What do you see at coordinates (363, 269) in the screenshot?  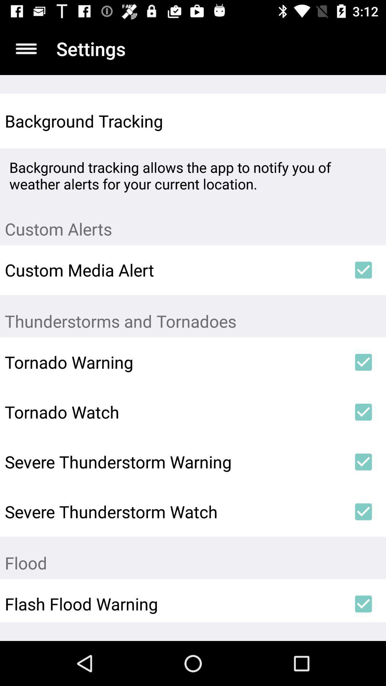 I see `the icon next to the custom media alert item` at bounding box center [363, 269].